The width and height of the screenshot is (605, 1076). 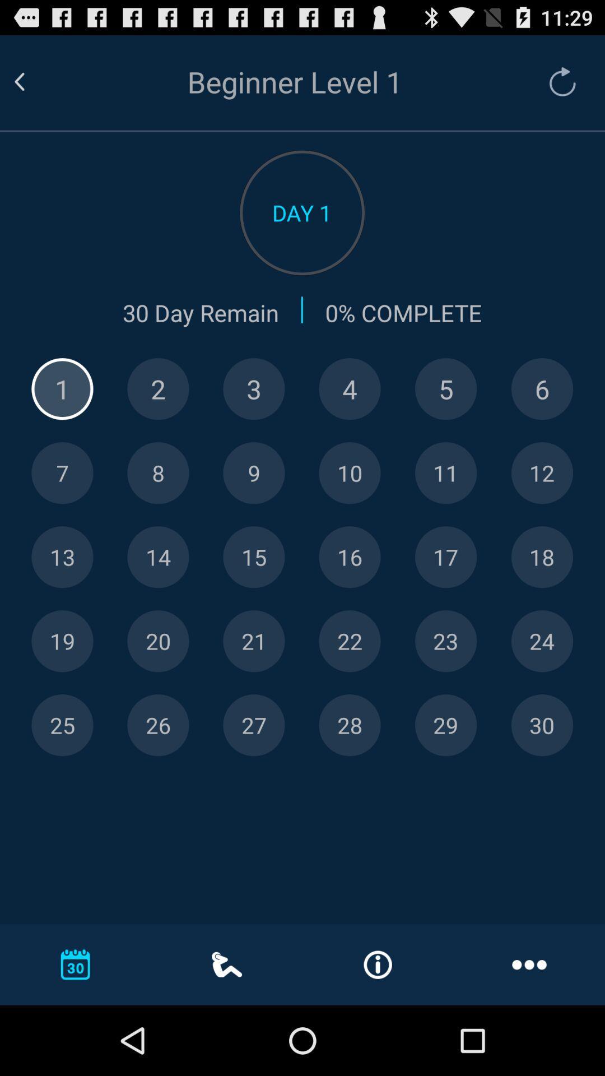 What do you see at coordinates (158, 389) in the screenshot?
I see `2` at bounding box center [158, 389].